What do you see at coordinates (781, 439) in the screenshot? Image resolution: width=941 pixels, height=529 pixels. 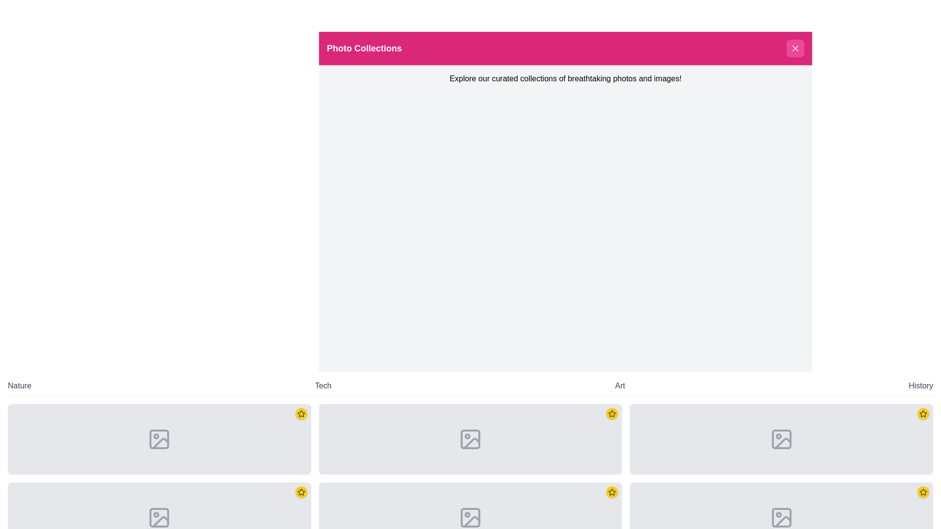 I see `the top-left subcomponent of the icon representing the image slot in the bottom row of the grid layout under the 'Art' category` at bounding box center [781, 439].